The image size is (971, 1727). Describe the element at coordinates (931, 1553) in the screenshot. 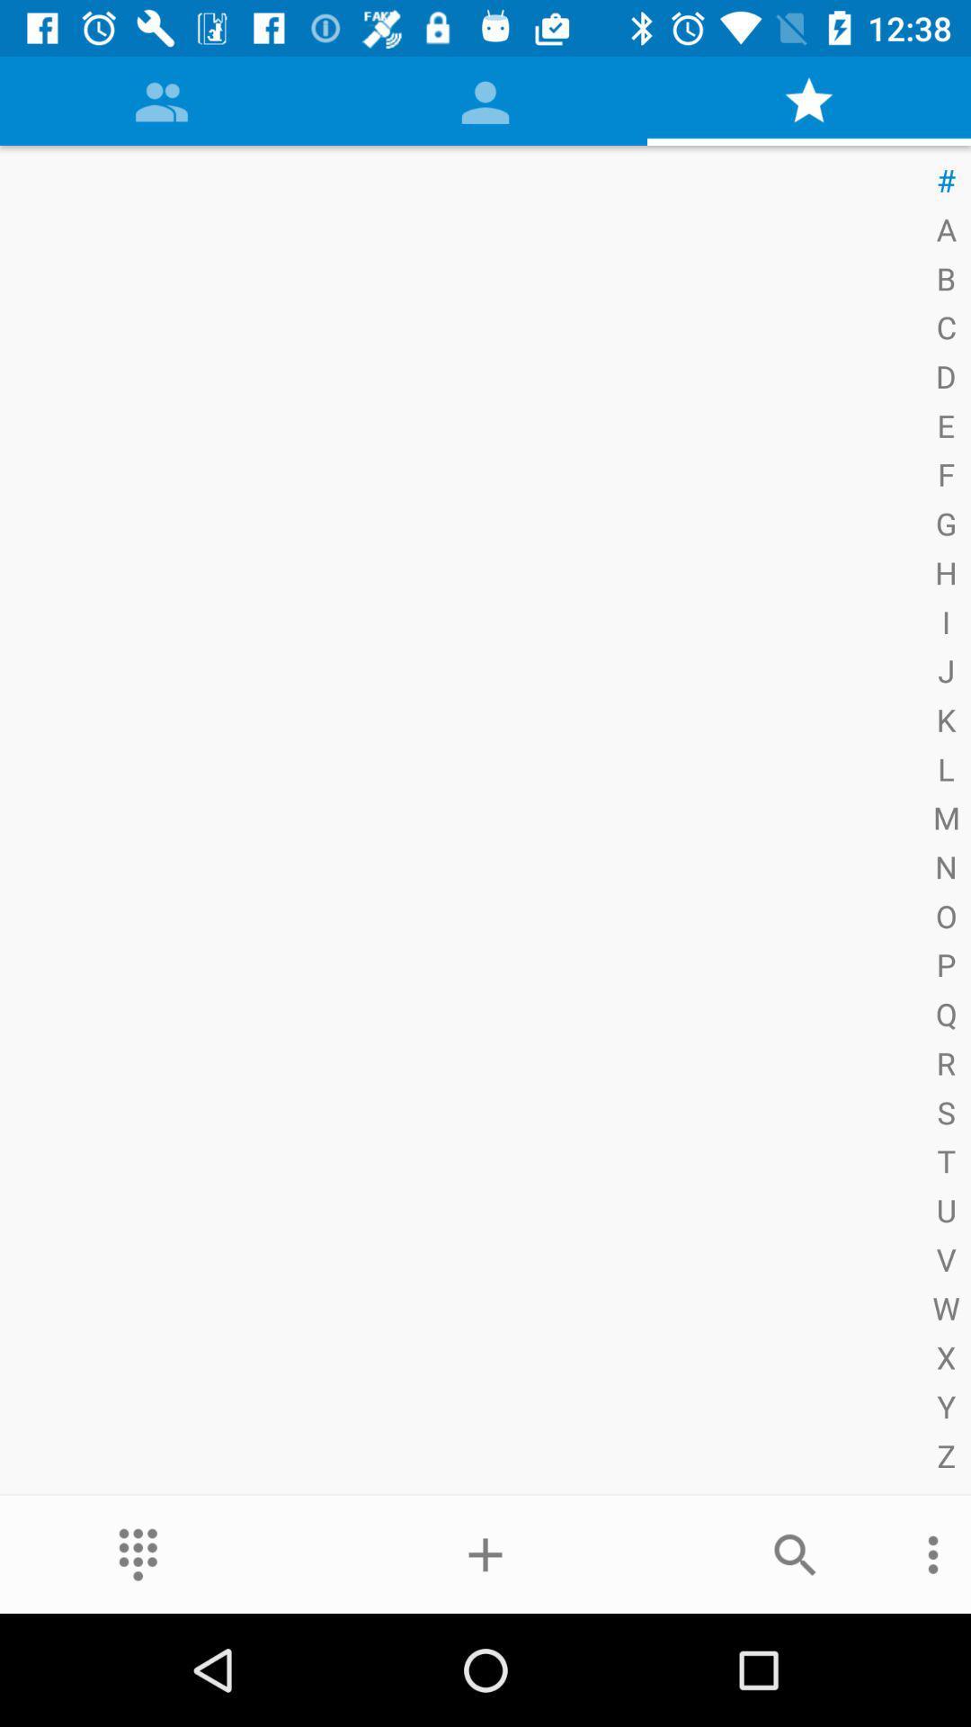

I see `the more icon` at that location.